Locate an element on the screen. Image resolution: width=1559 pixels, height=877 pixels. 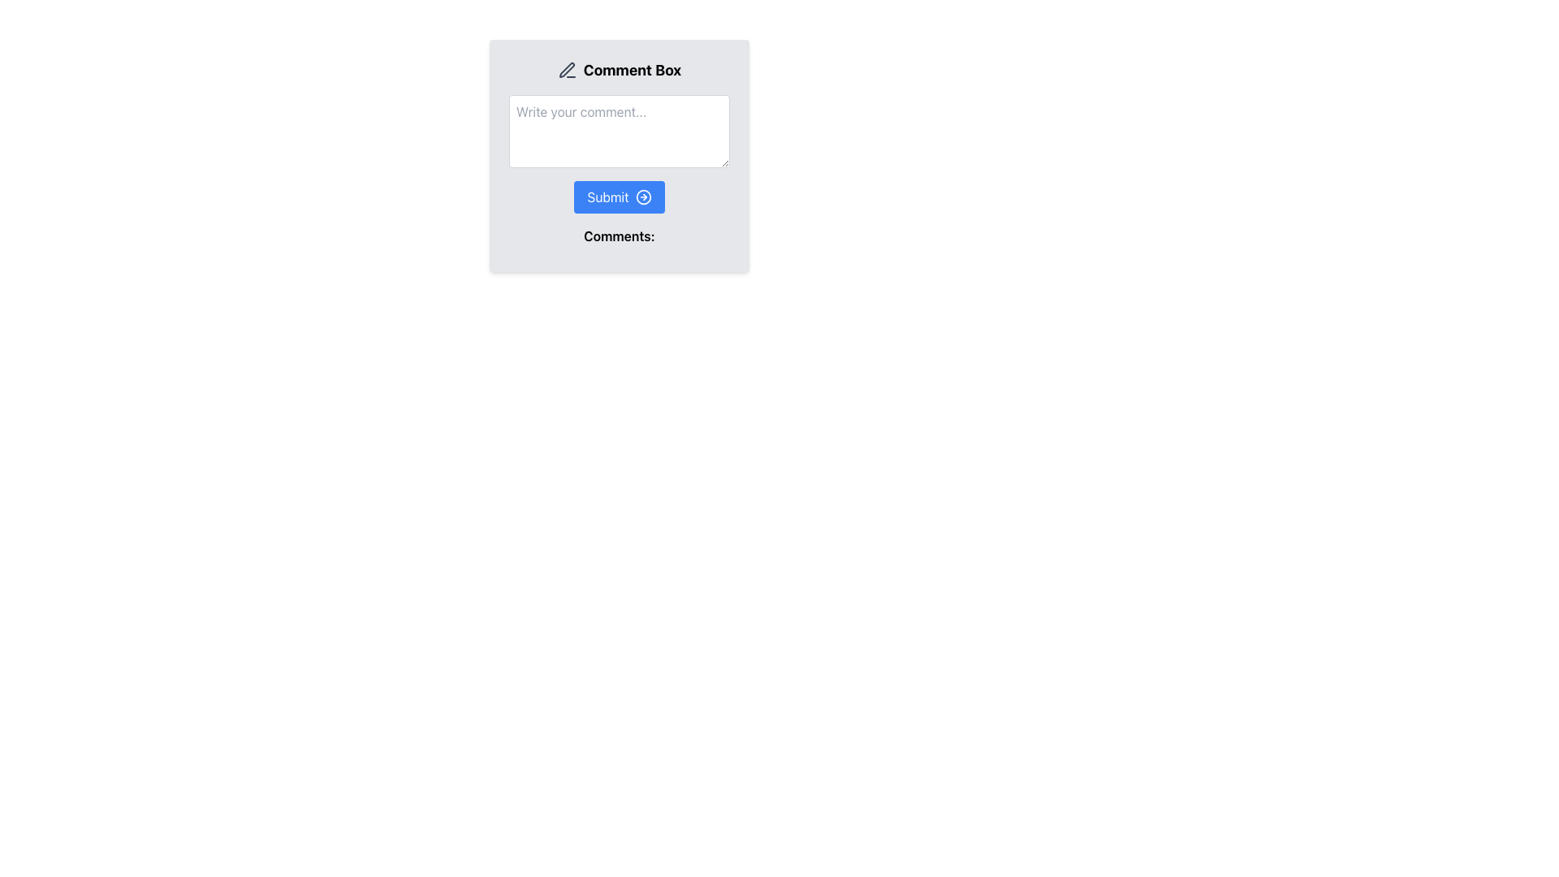
label text of the 'Submit' button which is centrally positioned within the blue button containing the text 'Submit' and an arrow icon is located at coordinates (607, 197).